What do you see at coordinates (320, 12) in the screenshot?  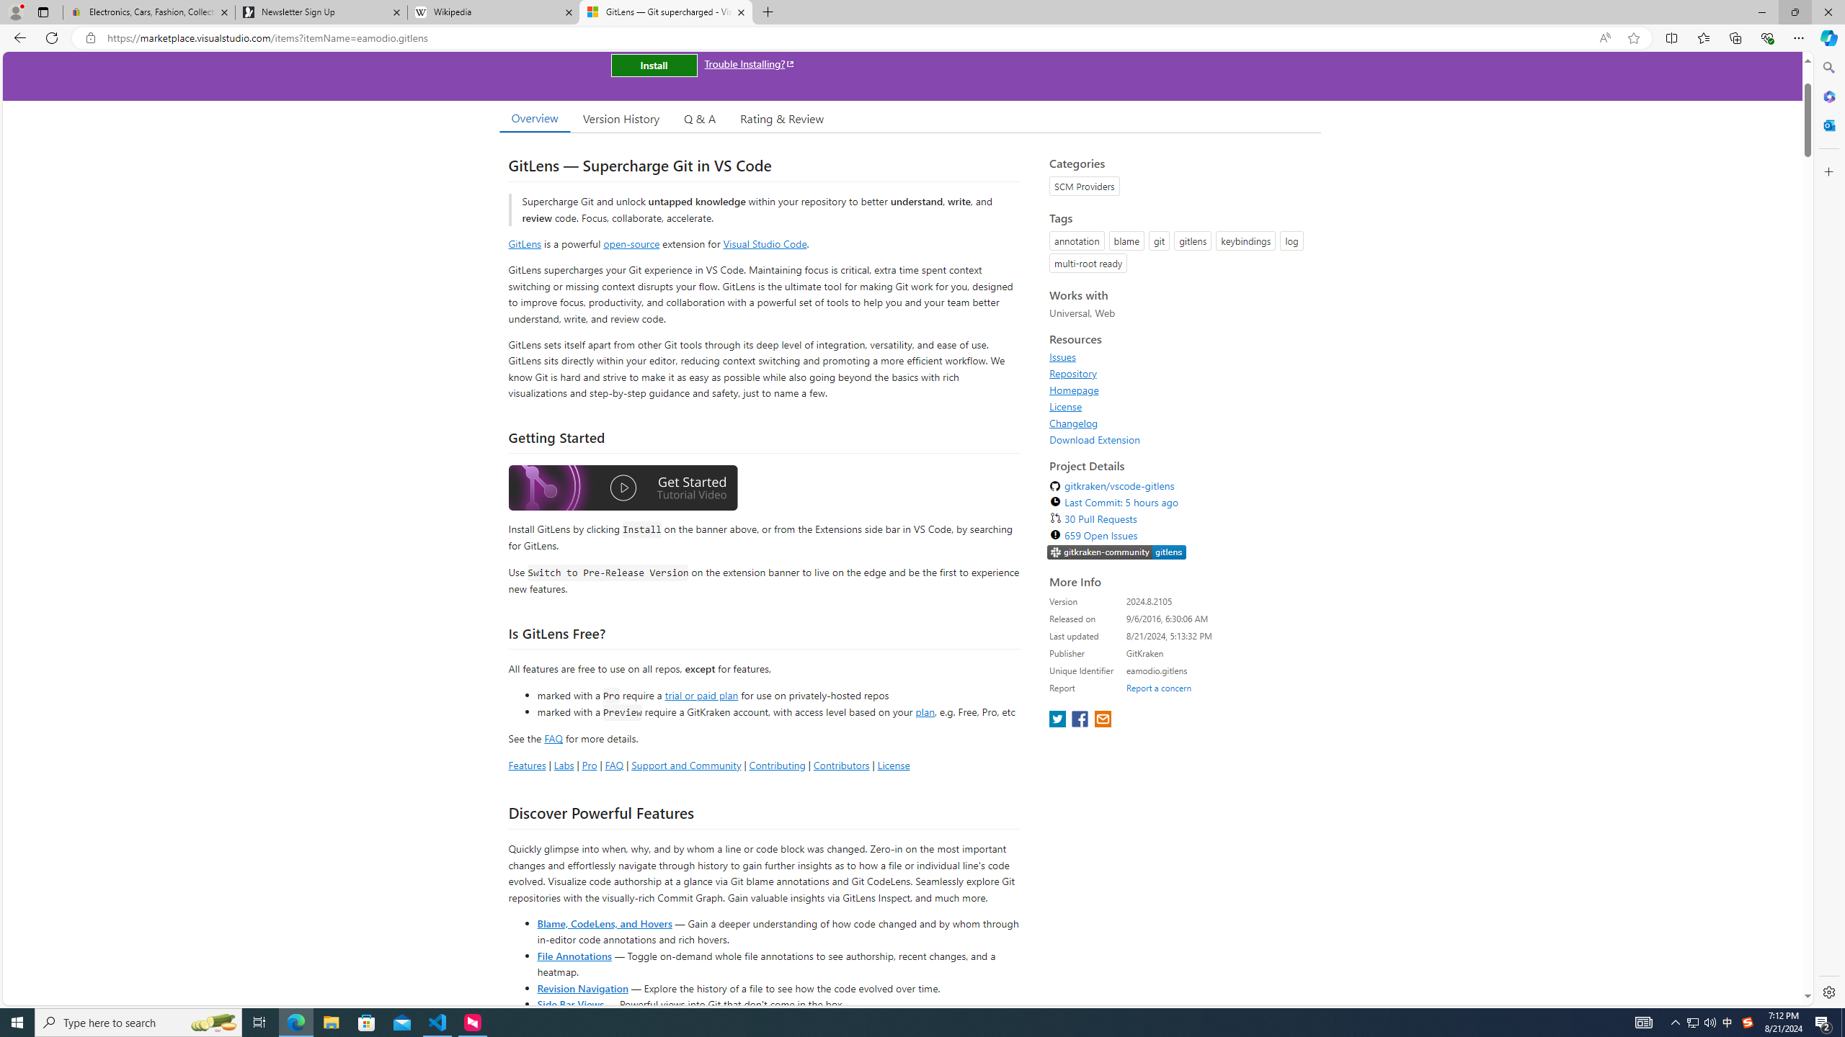 I see `'Newsletter Sign Up'` at bounding box center [320, 12].